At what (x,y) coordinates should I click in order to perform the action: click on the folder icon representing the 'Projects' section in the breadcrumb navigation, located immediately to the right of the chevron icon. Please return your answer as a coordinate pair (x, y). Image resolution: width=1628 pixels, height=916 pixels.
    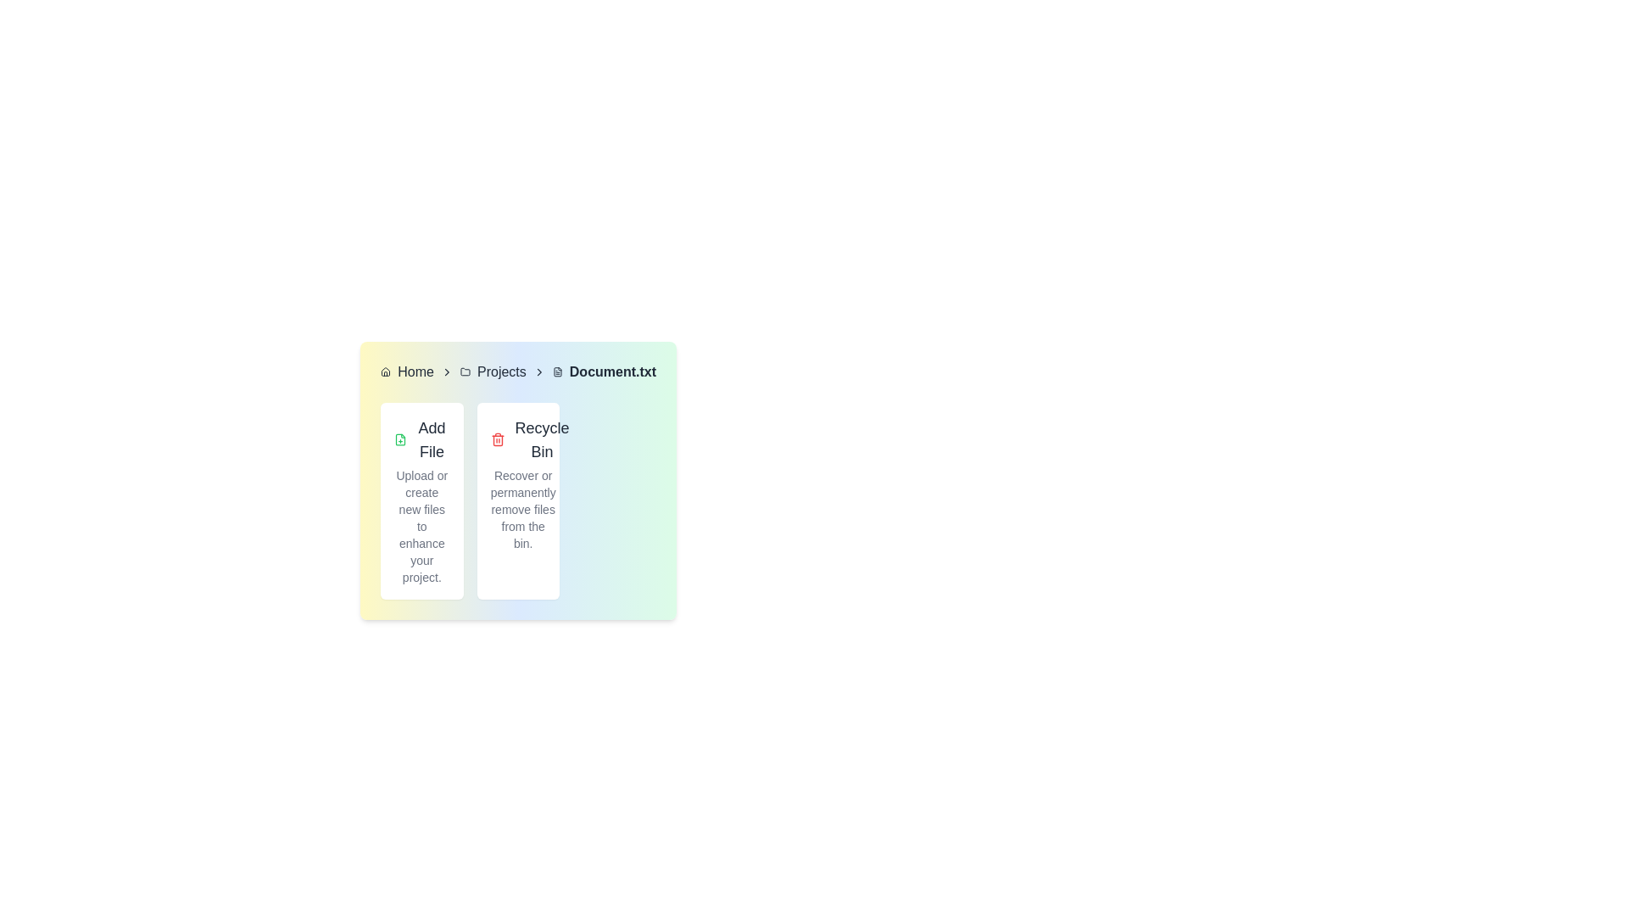
    Looking at the image, I should click on (465, 371).